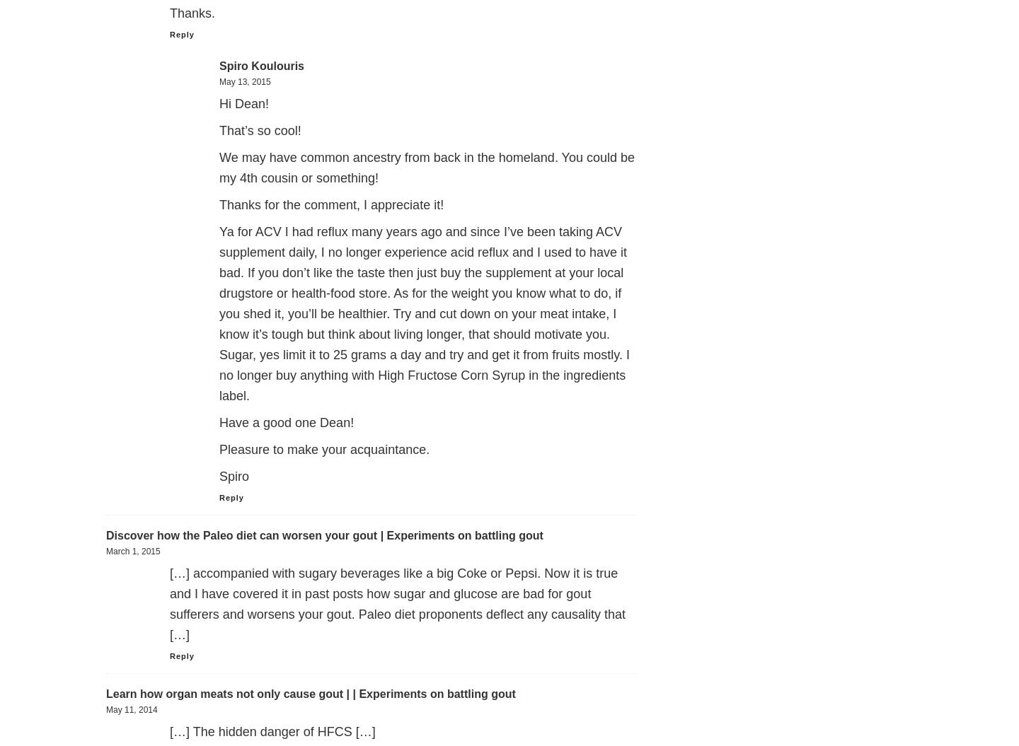 This screenshot has height=746, width=1019. Describe the element at coordinates (245, 81) in the screenshot. I see `'May 13, 2015'` at that location.